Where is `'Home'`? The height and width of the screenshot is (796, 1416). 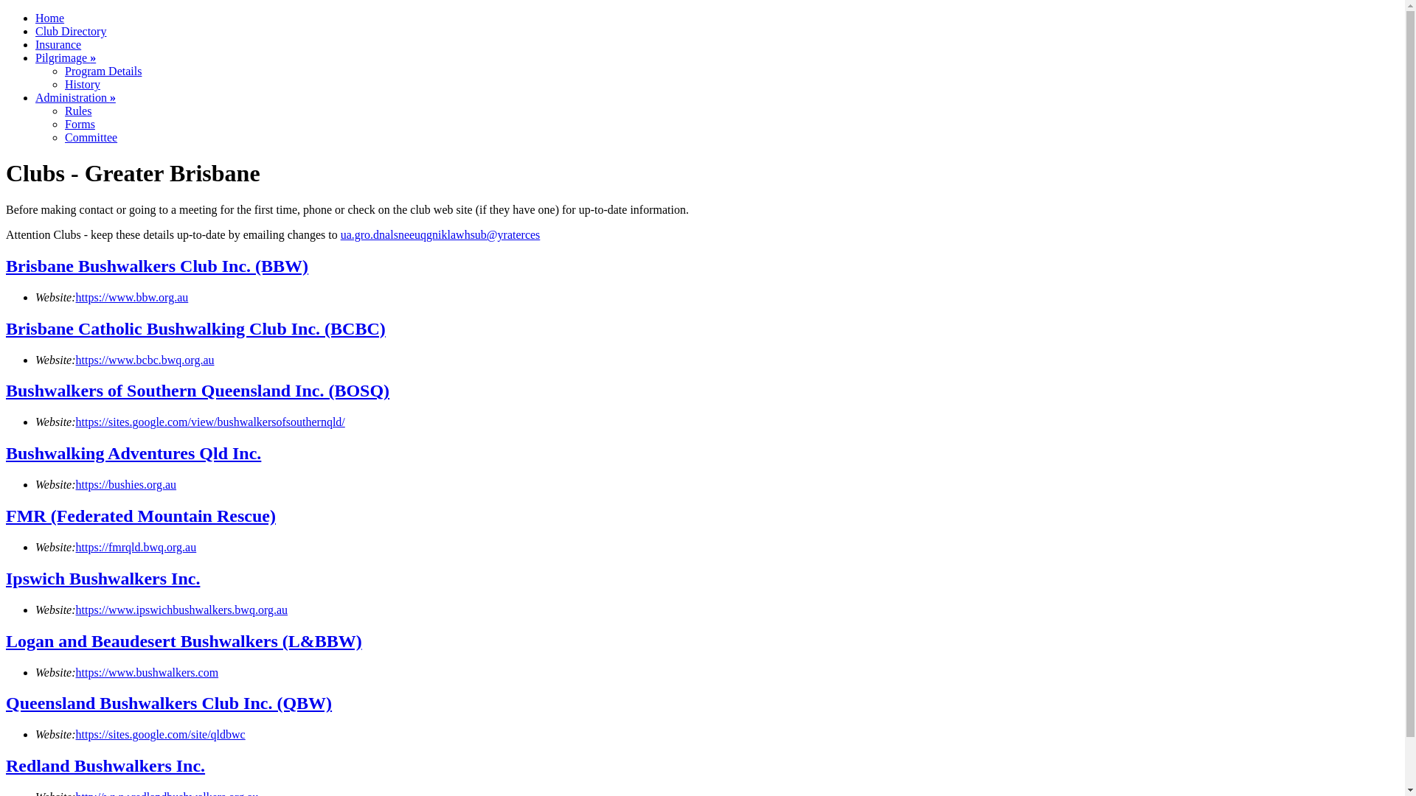
'Home' is located at coordinates (49, 18).